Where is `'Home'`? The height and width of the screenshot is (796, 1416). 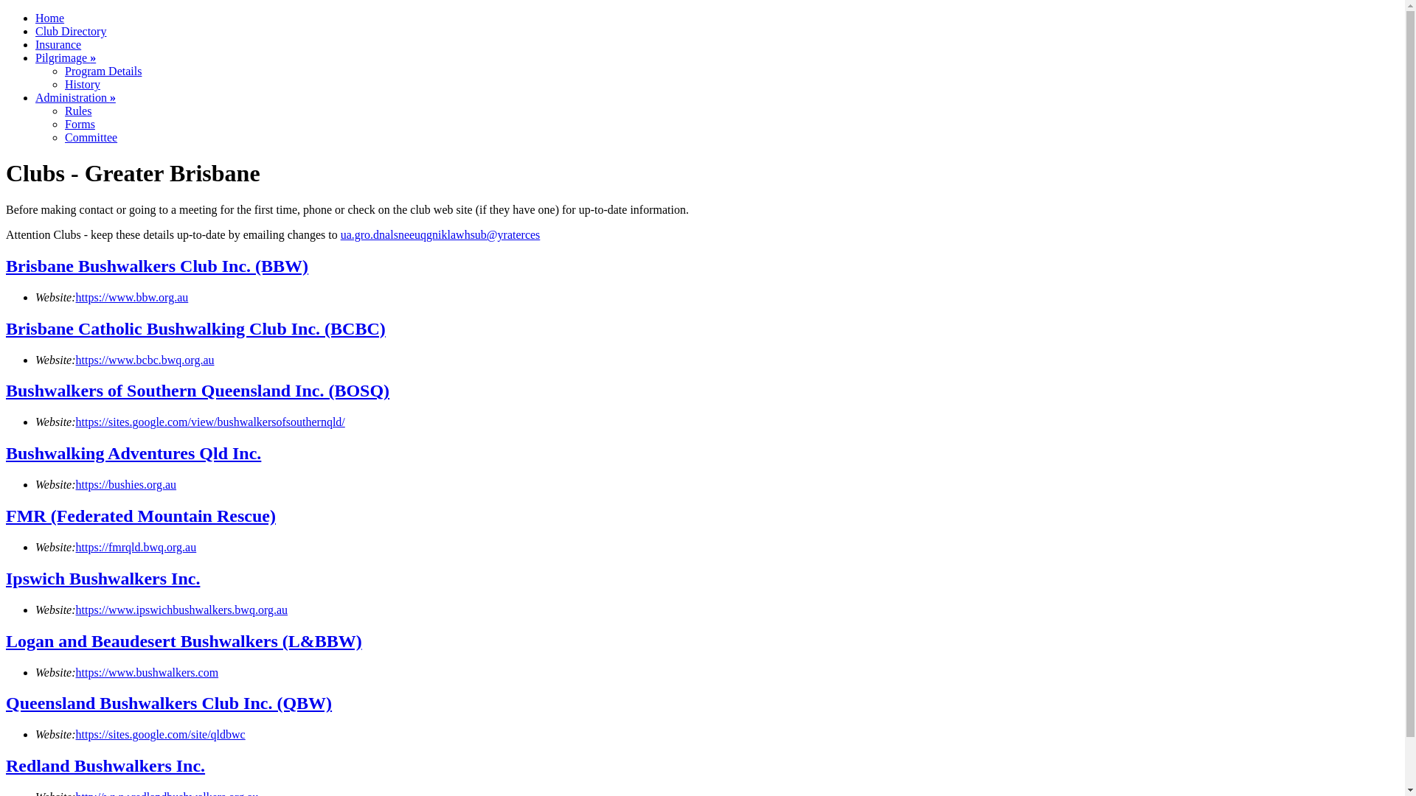
'Home' is located at coordinates (49, 18).